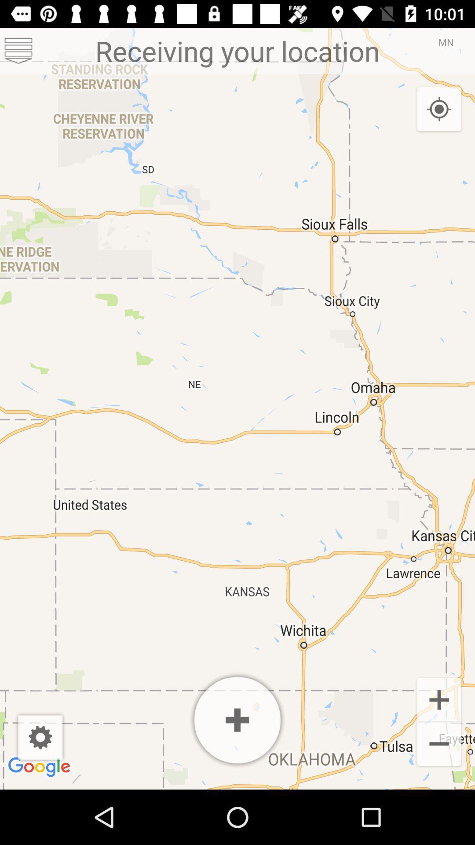  What do you see at coordinates (439, 109) in the screenshot?
I see `the item at the top right corner` at bounding box center [439, 109].